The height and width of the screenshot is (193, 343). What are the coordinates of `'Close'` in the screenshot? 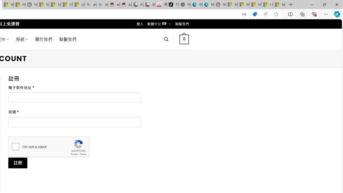 It's located at (336, 4).